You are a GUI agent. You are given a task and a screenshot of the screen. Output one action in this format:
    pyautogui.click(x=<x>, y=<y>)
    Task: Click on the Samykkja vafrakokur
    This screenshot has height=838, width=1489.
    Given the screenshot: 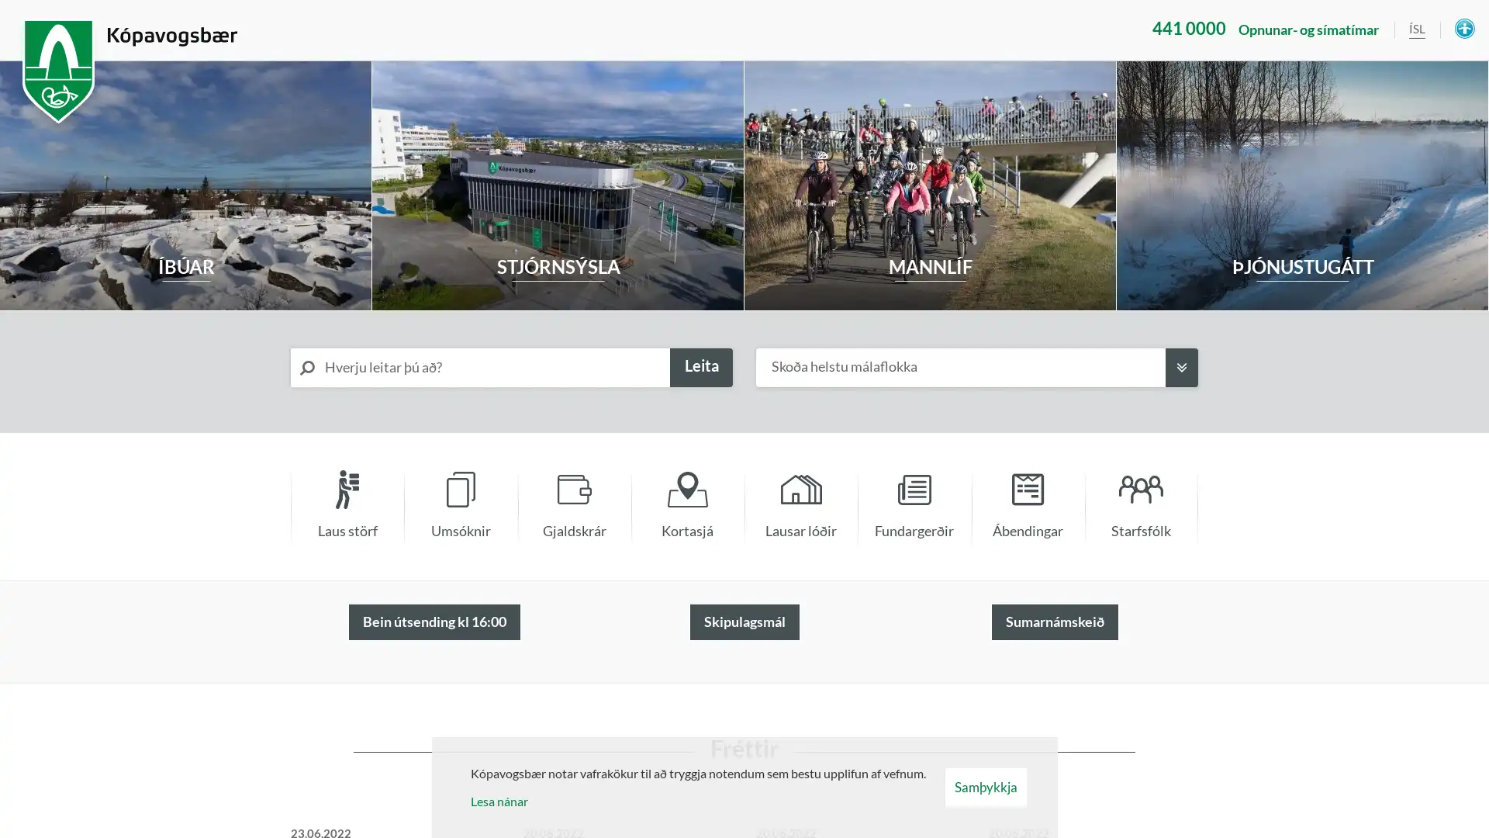 What is the action you would take?
    pyautogui.click(x=984, y=787)
    